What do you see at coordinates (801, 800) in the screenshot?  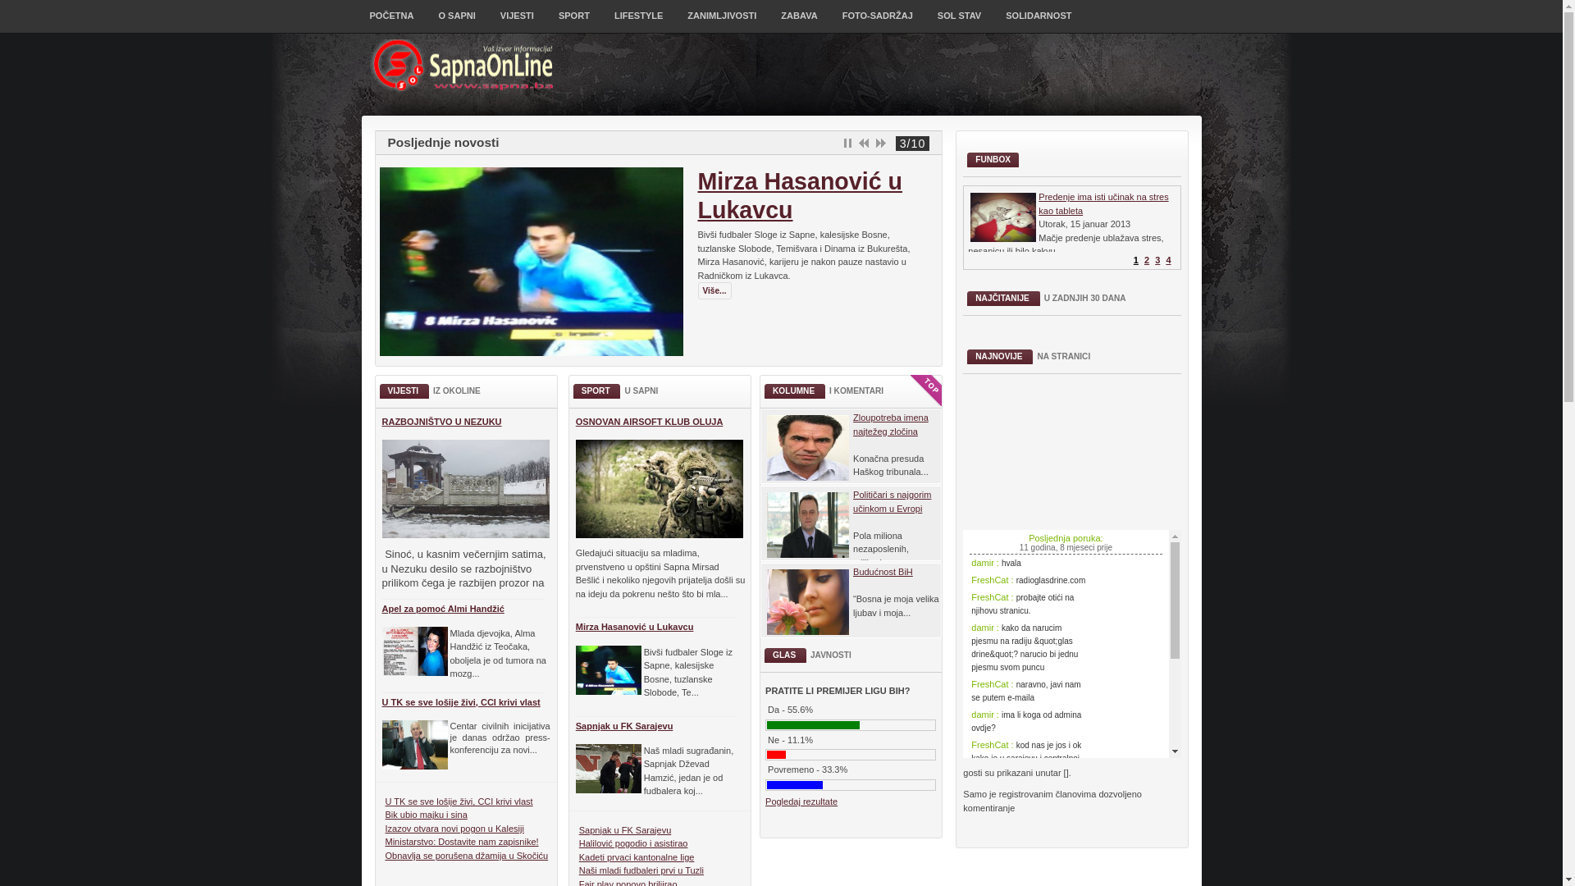 I see `'Pogledaj rezultate'` at bounding box center [801, 800].